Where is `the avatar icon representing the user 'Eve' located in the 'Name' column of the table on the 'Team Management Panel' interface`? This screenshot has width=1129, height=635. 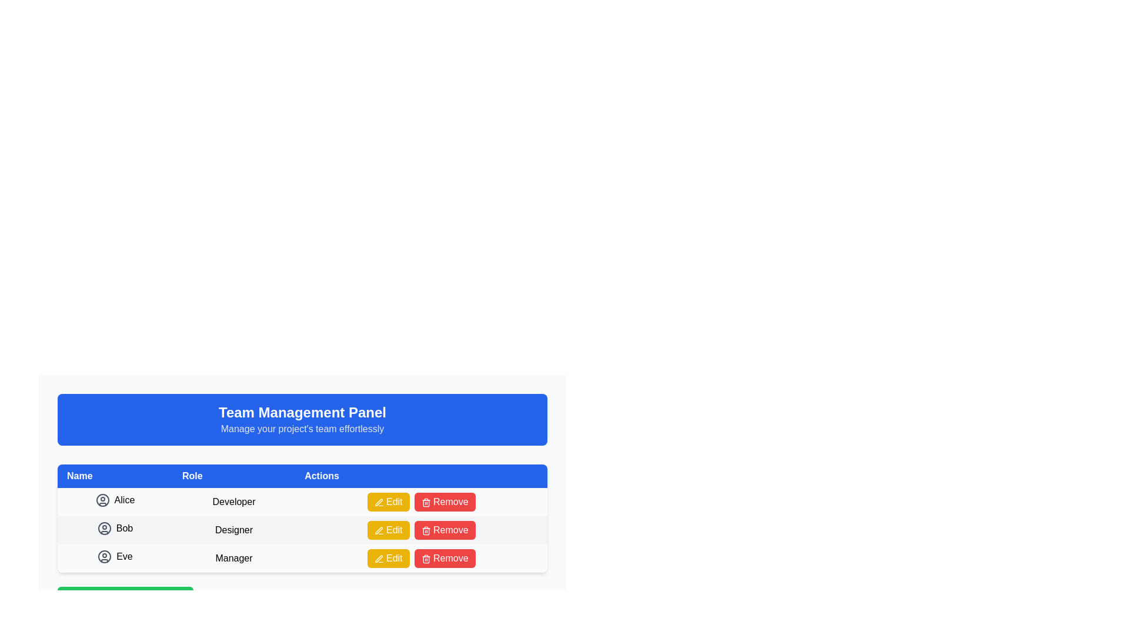
the avatar icon representing the user 'Eve' located in the 'Name' column of the table on the 'Team Management Panel' interface is located at coordinates (105, 556).